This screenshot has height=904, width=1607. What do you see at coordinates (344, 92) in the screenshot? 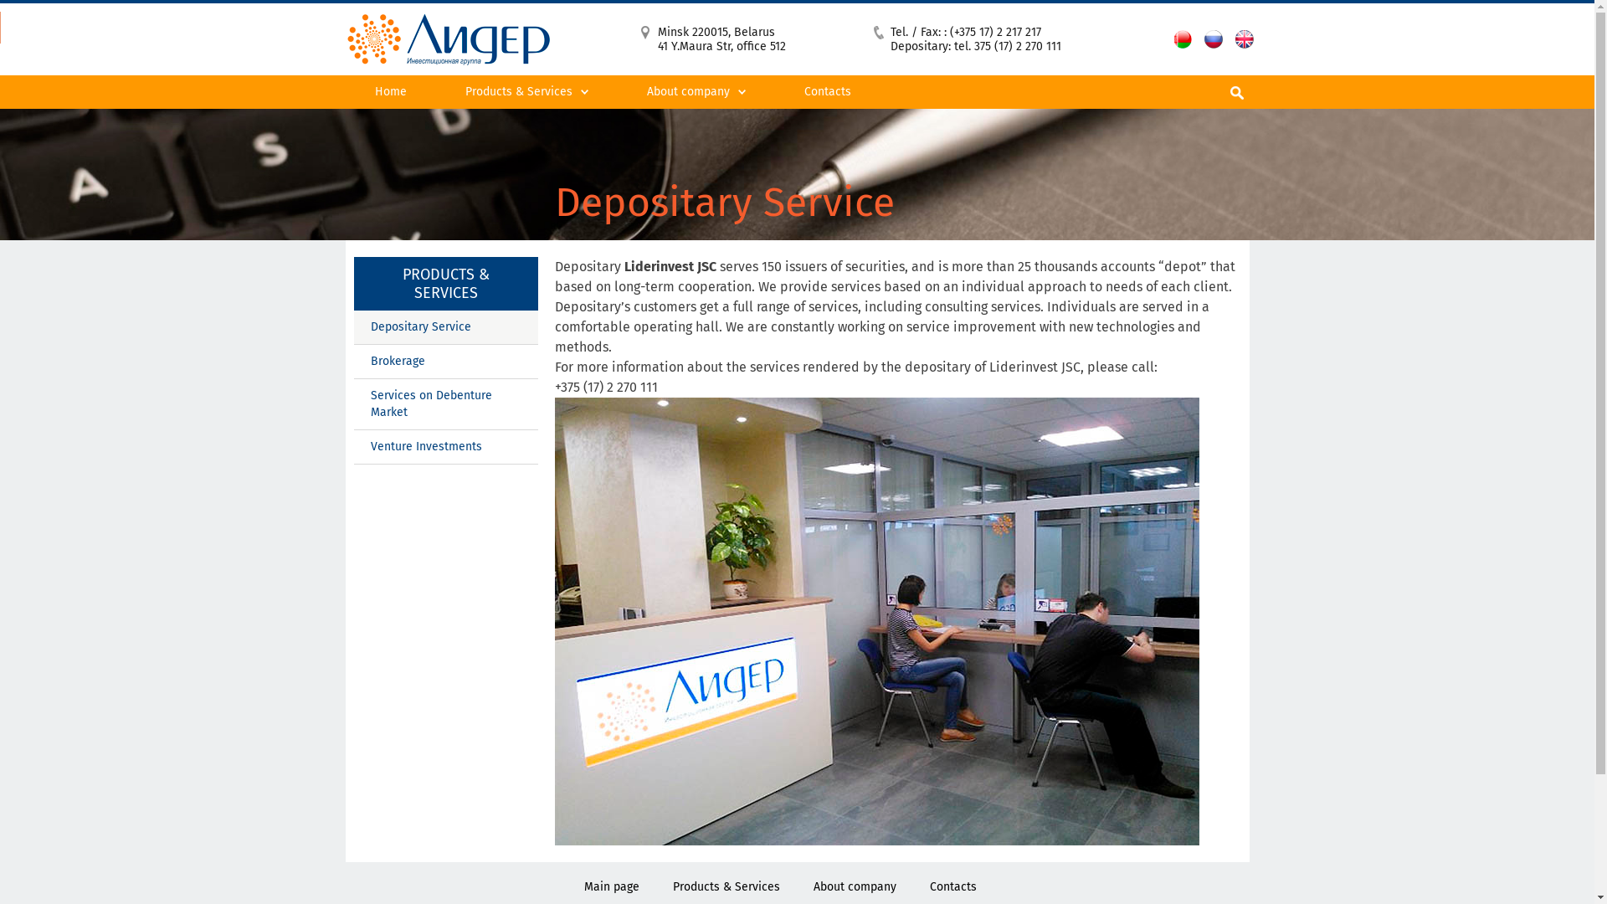
I see `'Home'` at bounding box center [344, 92].